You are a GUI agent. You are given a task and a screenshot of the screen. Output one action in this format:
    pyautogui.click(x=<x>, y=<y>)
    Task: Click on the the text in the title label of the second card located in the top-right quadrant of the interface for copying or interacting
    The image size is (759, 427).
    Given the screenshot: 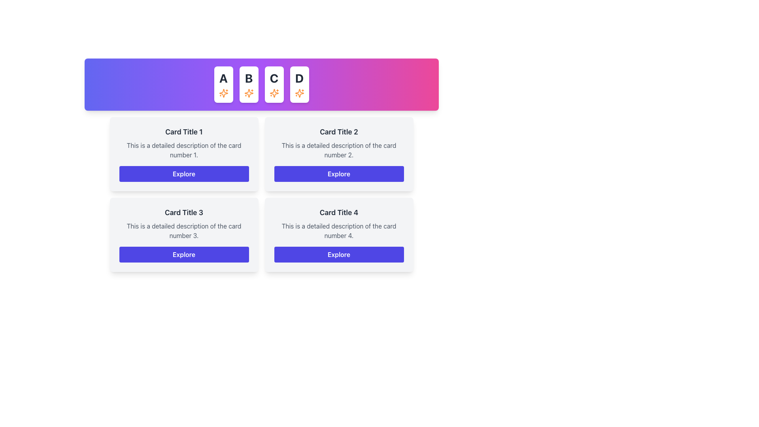 What is the action you would take?
    pyautogui.click(x=339, y=132)
    